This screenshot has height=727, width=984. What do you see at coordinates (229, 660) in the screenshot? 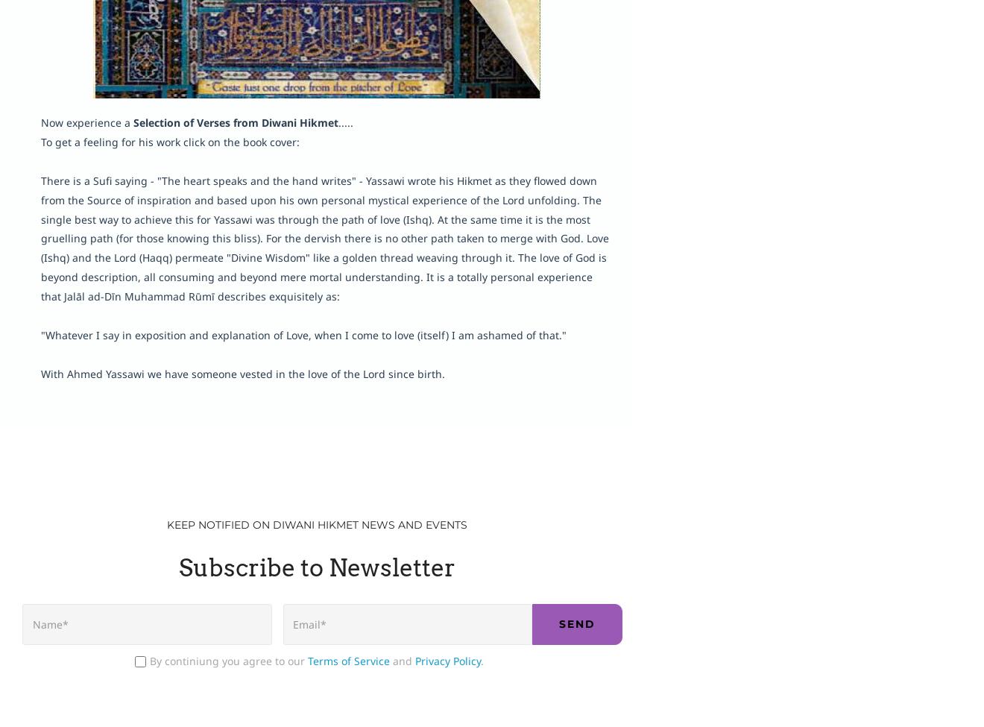
I see `'By continiung you agree to our'` at bounding box center [229, 660].